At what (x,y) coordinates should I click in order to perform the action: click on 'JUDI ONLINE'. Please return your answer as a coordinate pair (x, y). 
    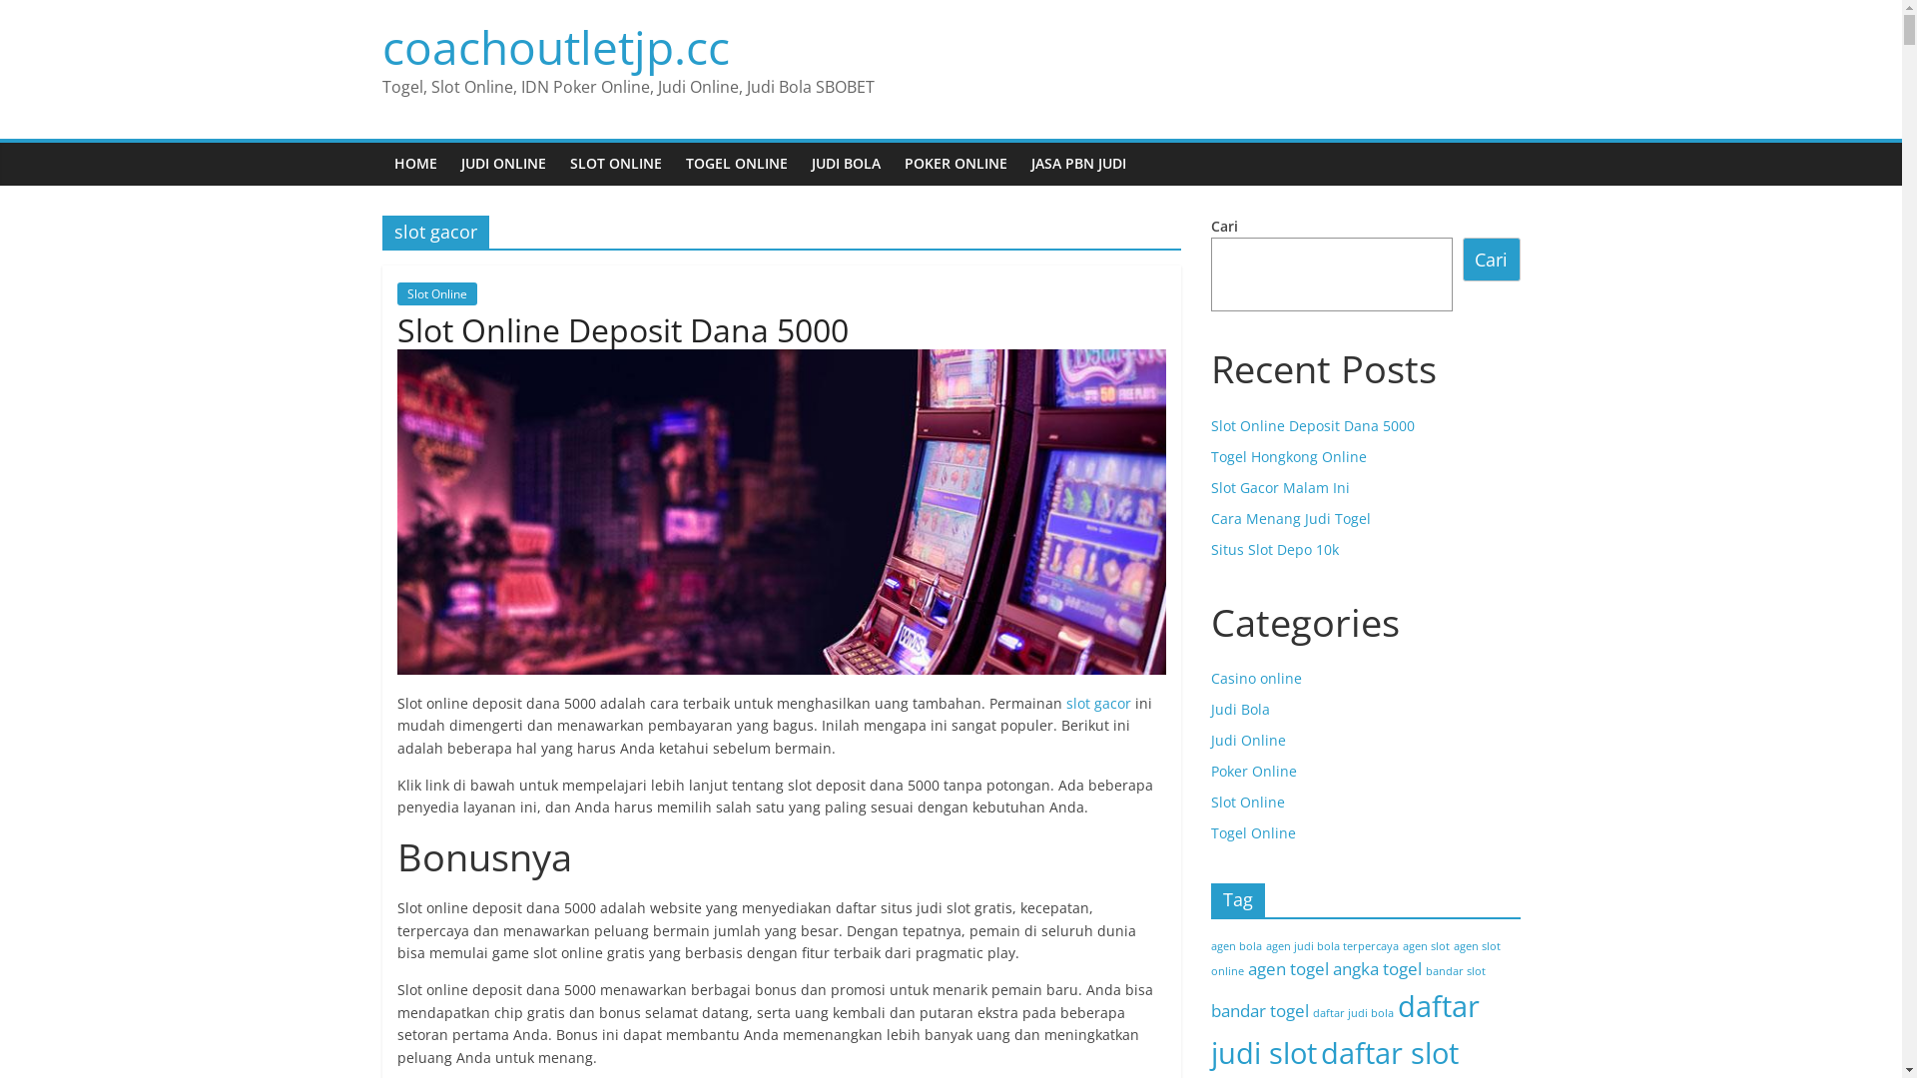
    Looking at the image, I should click on (448, 163).